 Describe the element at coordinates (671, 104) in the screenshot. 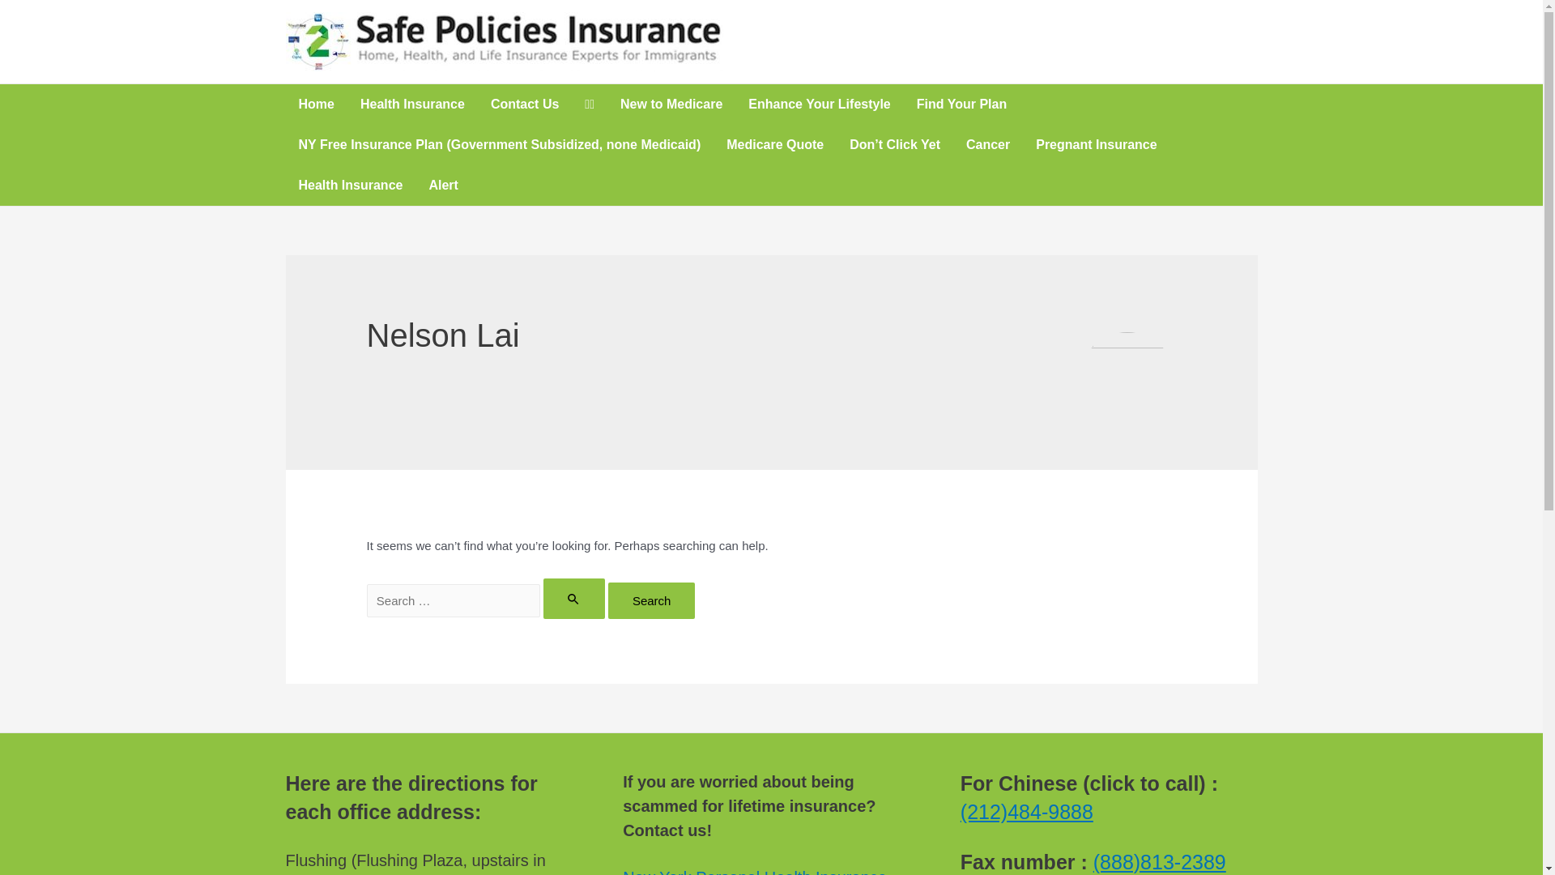

I see `'New to Medicare'` at that location.